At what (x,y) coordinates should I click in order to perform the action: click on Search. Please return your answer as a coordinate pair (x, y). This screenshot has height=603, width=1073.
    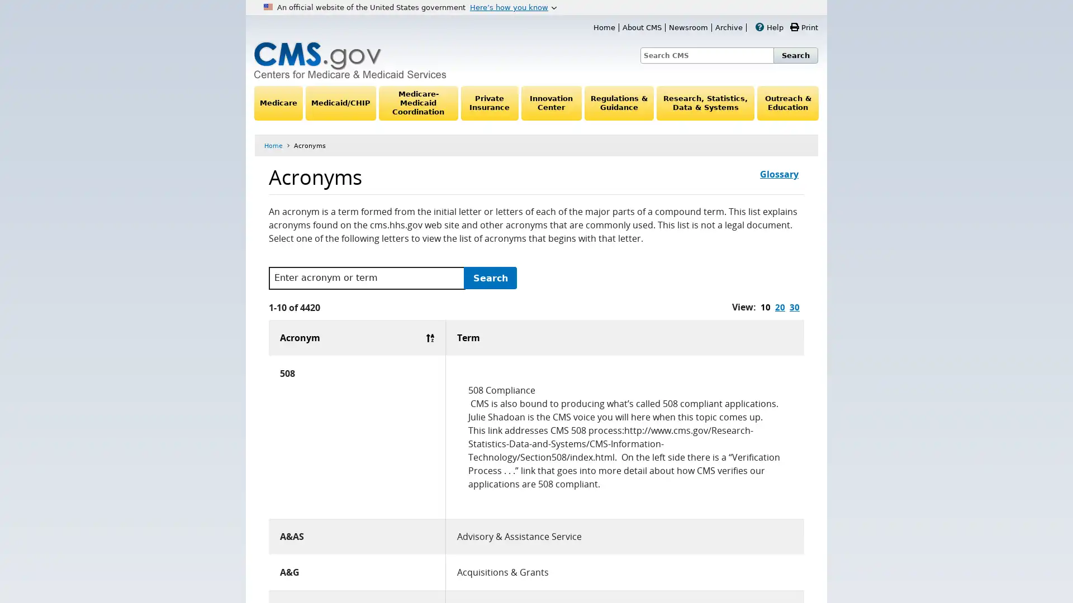
    Looking at the image, I should click on (490, 277).